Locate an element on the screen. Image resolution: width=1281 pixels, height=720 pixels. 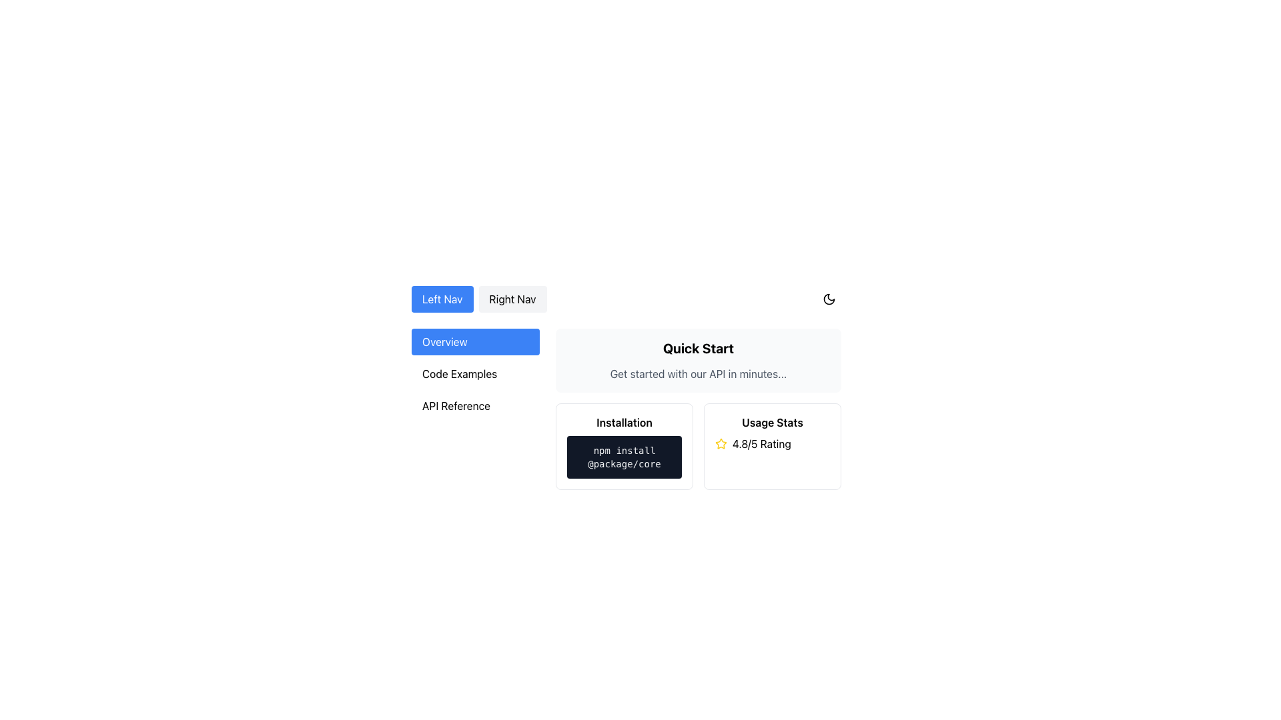
text from the bolded 'Quick Start' label located in the top-right section of the application interface is located at coordinates (697, 348).